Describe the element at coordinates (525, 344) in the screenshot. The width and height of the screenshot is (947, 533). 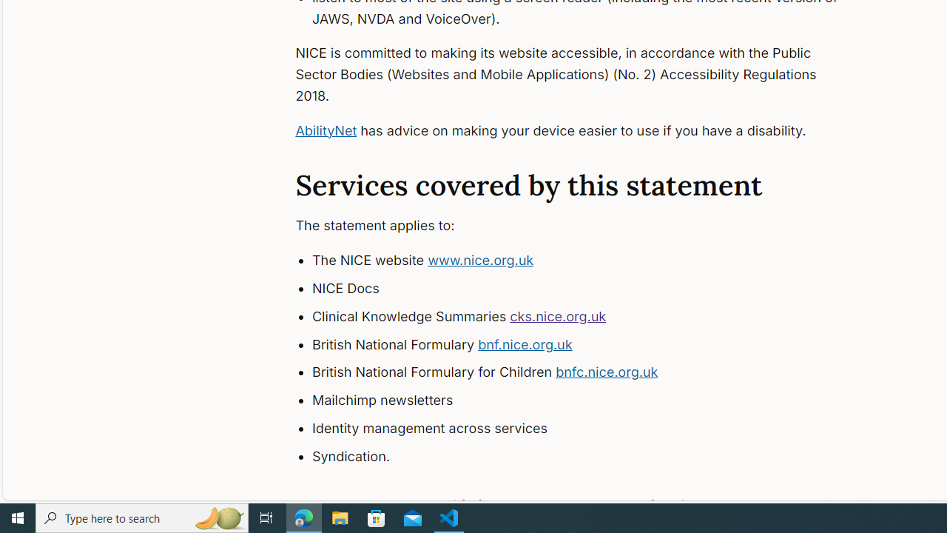
I see `'bnf.nice.org.uk'` at that location.